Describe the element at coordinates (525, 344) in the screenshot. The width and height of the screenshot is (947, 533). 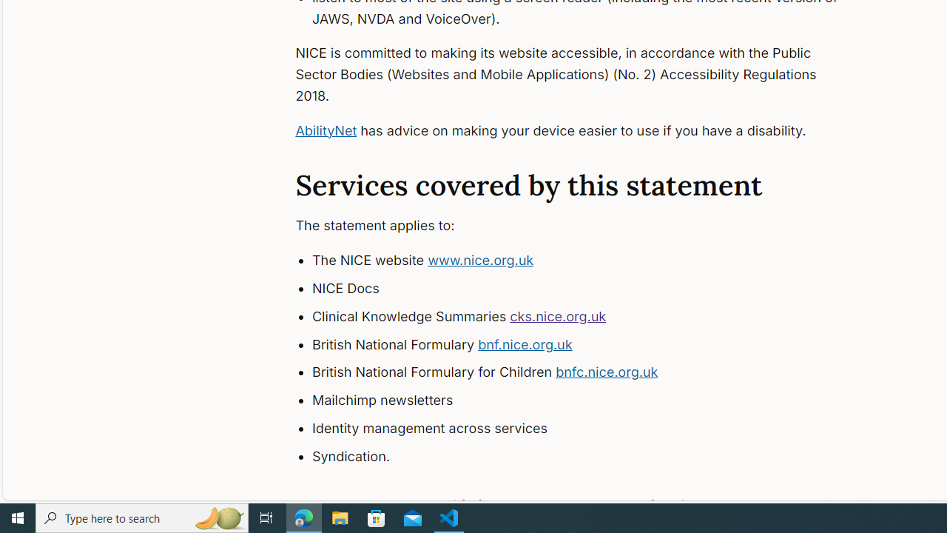
I see `'bnf.nice.org.uk'` at that location.